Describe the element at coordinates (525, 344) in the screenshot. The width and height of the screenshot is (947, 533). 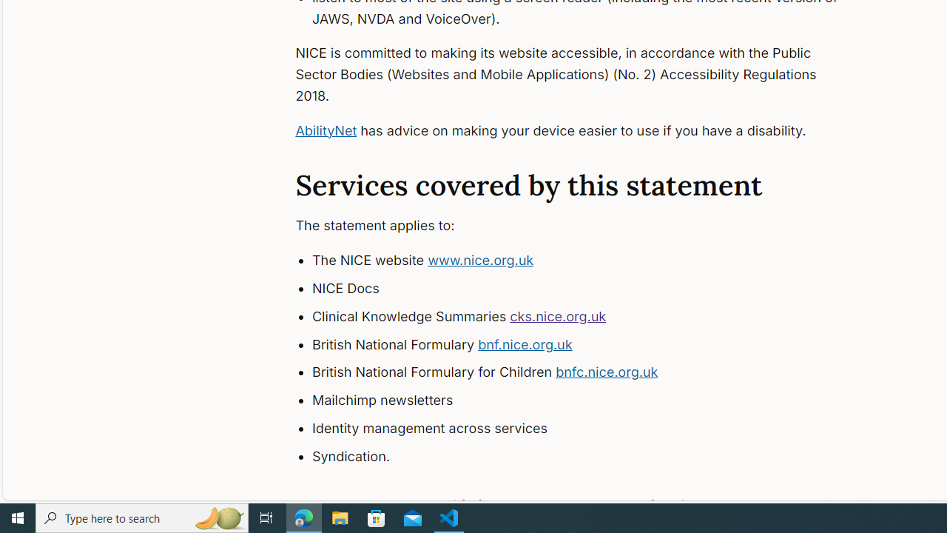
I see `'bnf.nice.org.uk'` at that location.